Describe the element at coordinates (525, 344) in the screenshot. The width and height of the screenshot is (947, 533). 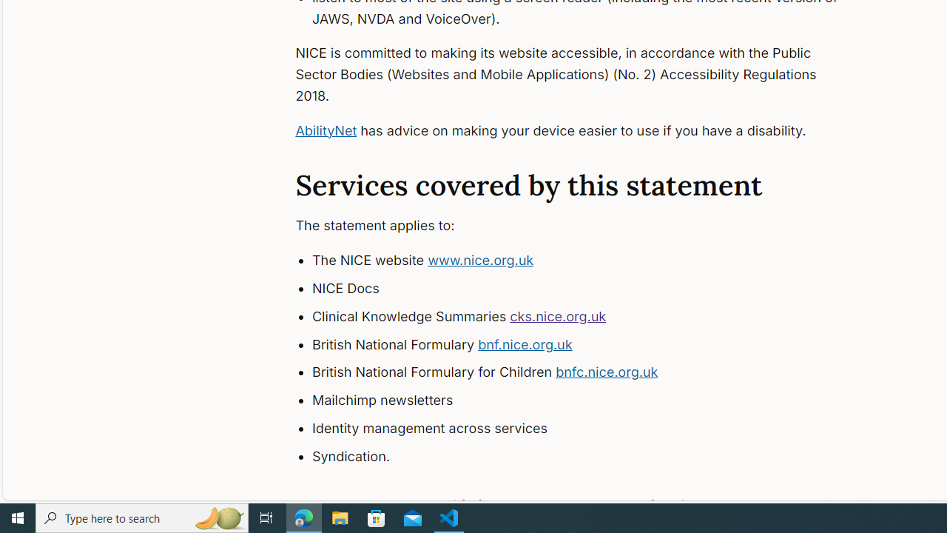
I see `'bnf.nice.org.uk'` at that location.